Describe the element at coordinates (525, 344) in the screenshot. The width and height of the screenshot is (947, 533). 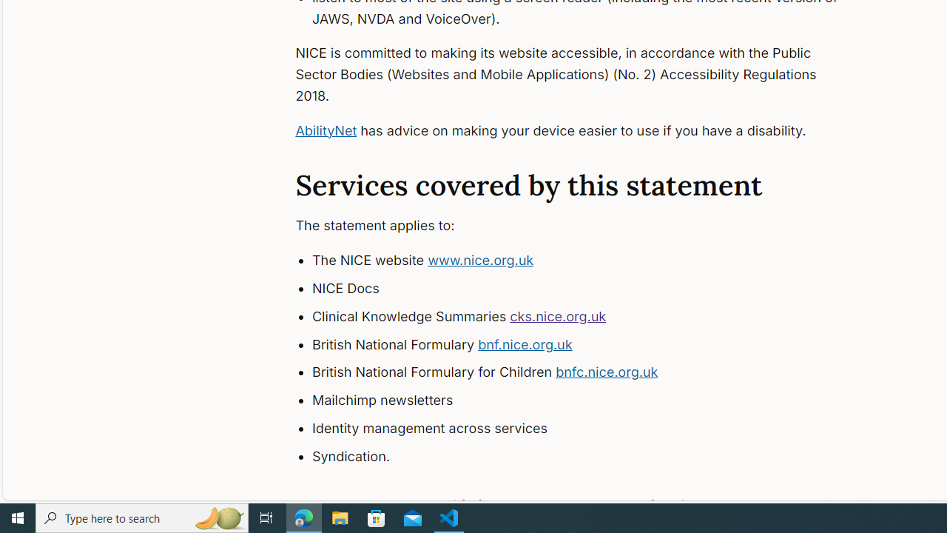
I see `'bnf.nice.org.uk'` at that location.